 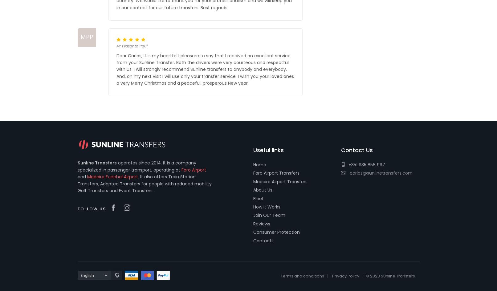 What do you see at coordinates (86, 37) in the screenshot?
I see `'MPP'` at bounding box center [86, 37].